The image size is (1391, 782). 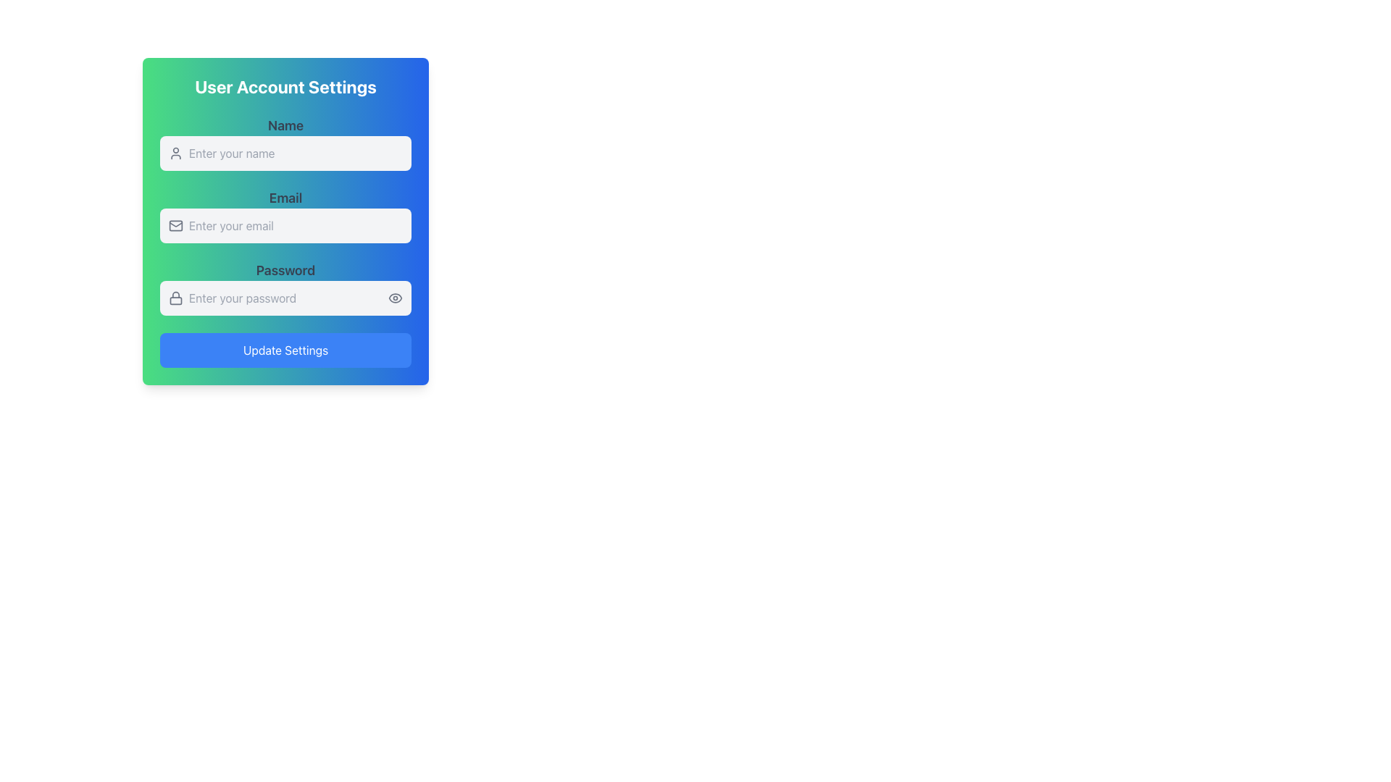 I want to click on the decorative SVG component that visually signifies the email-related input field in the 'User Account Settings' form, specifically the hollow envelope shape located on the left side of the input field labeled 'Email', so click(x=175, y=226).